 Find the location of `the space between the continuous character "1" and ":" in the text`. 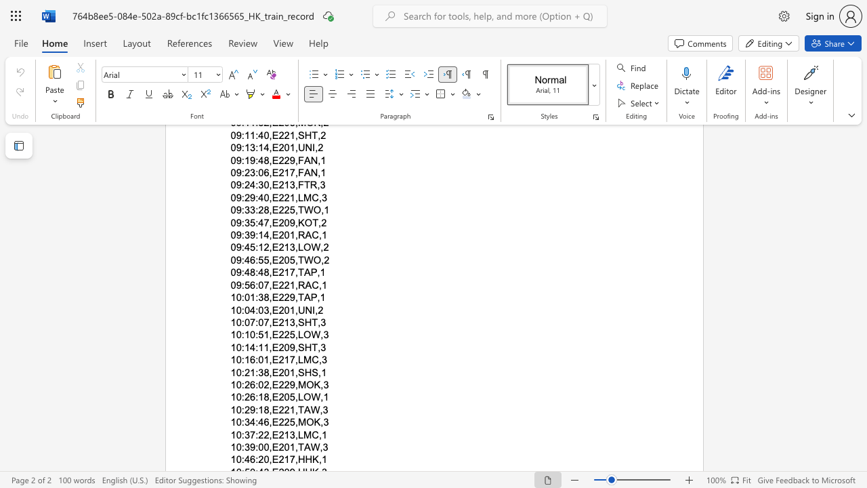

the space between the continuous character "1" and ":" in the text is located at coordinates (255, 372).